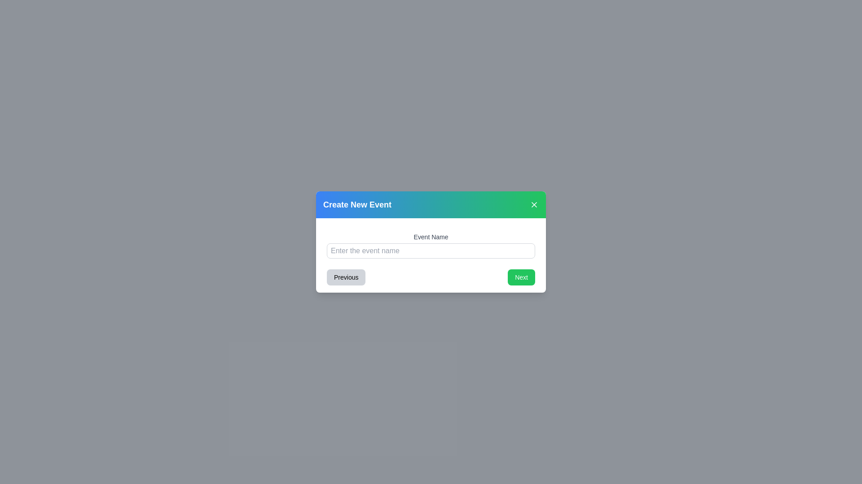 Image resolution: width=862 pixels, height=484 pixels. What do you see at coordinates (534, 204) in the screenshot?
I see `the close button represented by a circular icon with an 'X' symbol in the center, located in the top-right corner of the 'Create New Event' modal header` at bounding box center [534, 204].